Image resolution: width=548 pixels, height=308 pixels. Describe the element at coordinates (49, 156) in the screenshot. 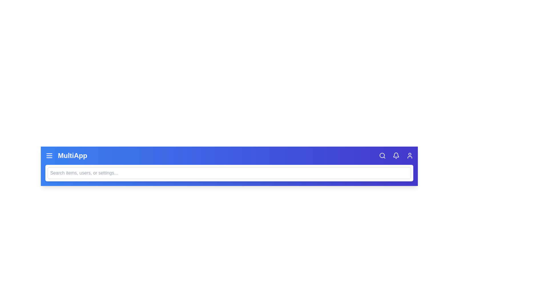

I see `the menu button in the MultiPurposeAppBar` at that location.